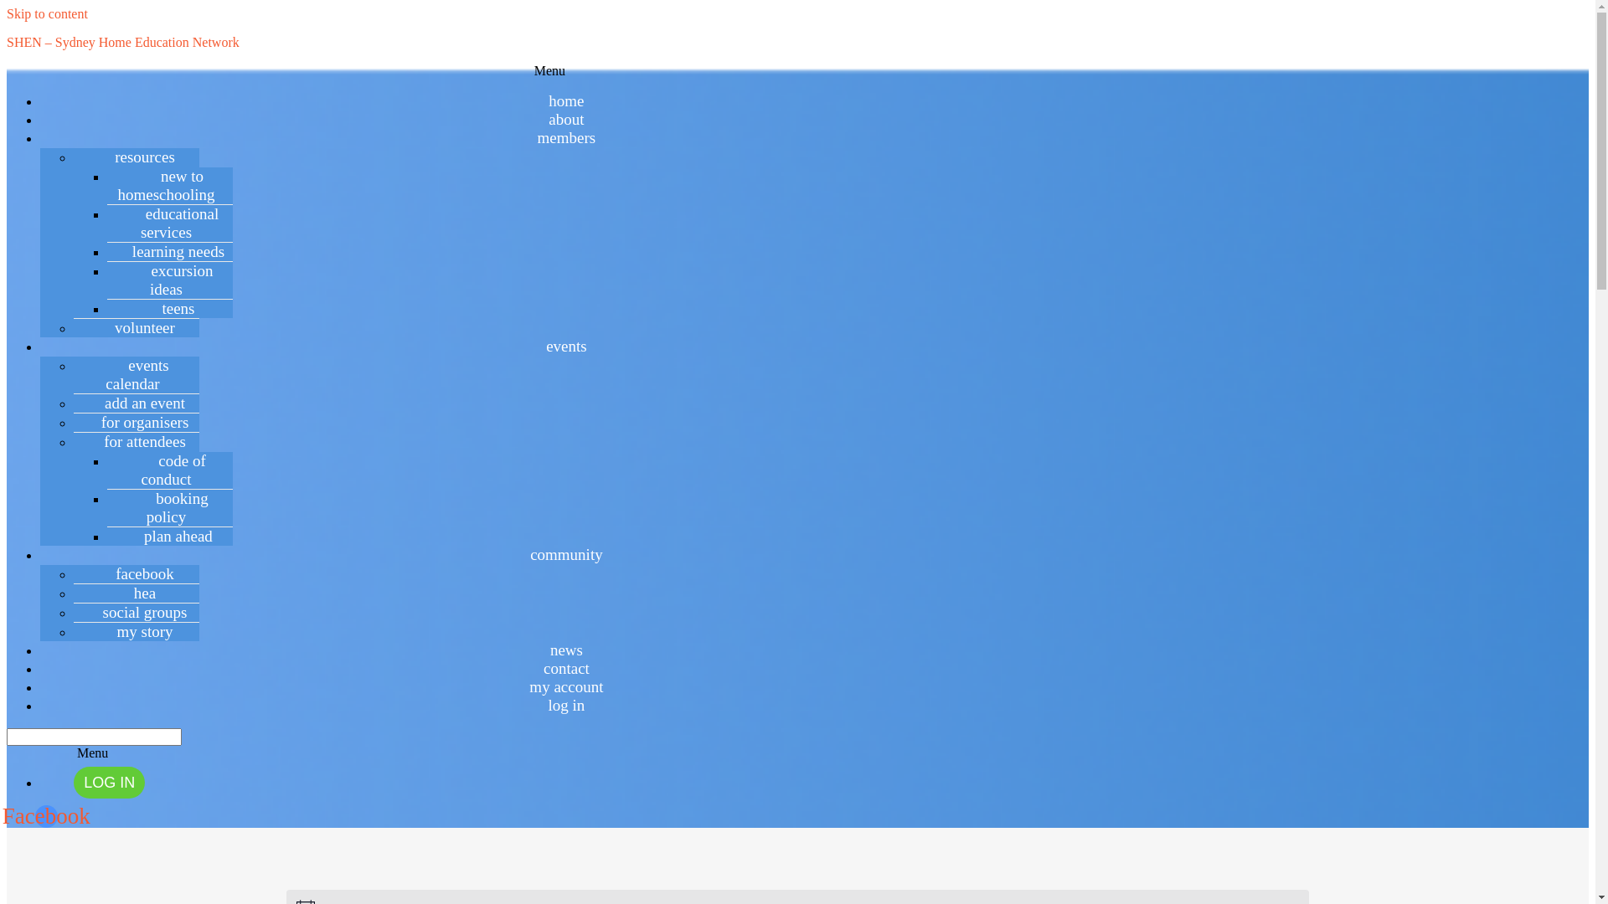 The width and height of the screenshot is (1608, 904). Describe the element at coordinates (137, 612) in the screenshot. I see `'social groups'` at that location.